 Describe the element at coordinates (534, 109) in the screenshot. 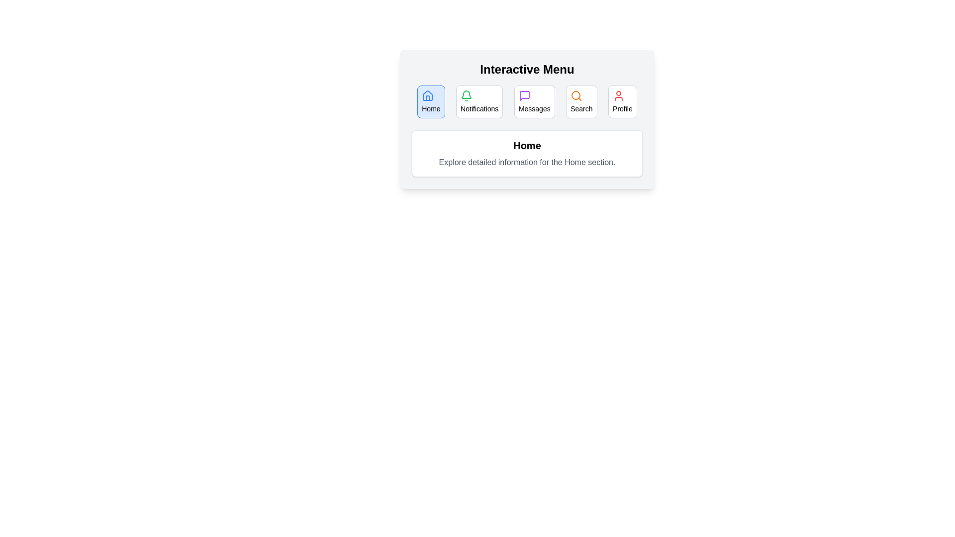

I see `descriptive text label for the 'Messages' button located in the middle of the horizontal menu, positioned just below the messages icon` at that location.